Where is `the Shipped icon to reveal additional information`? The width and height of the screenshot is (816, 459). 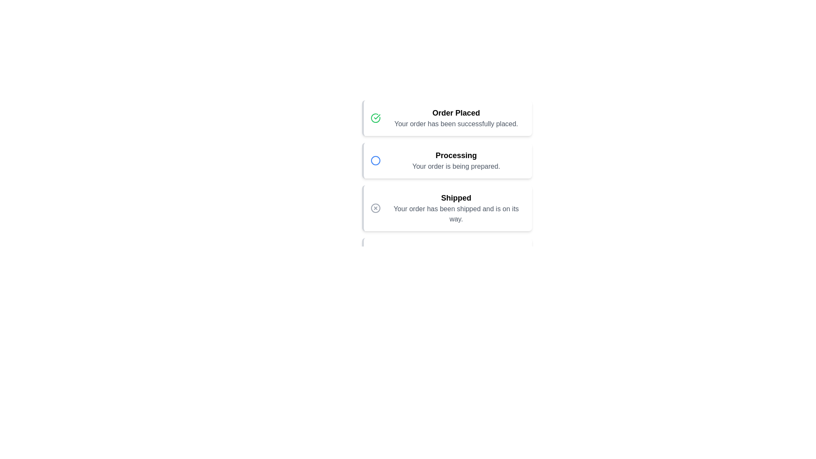
the Shipped icon to reveal additional information is located at coordinates (375, 208).